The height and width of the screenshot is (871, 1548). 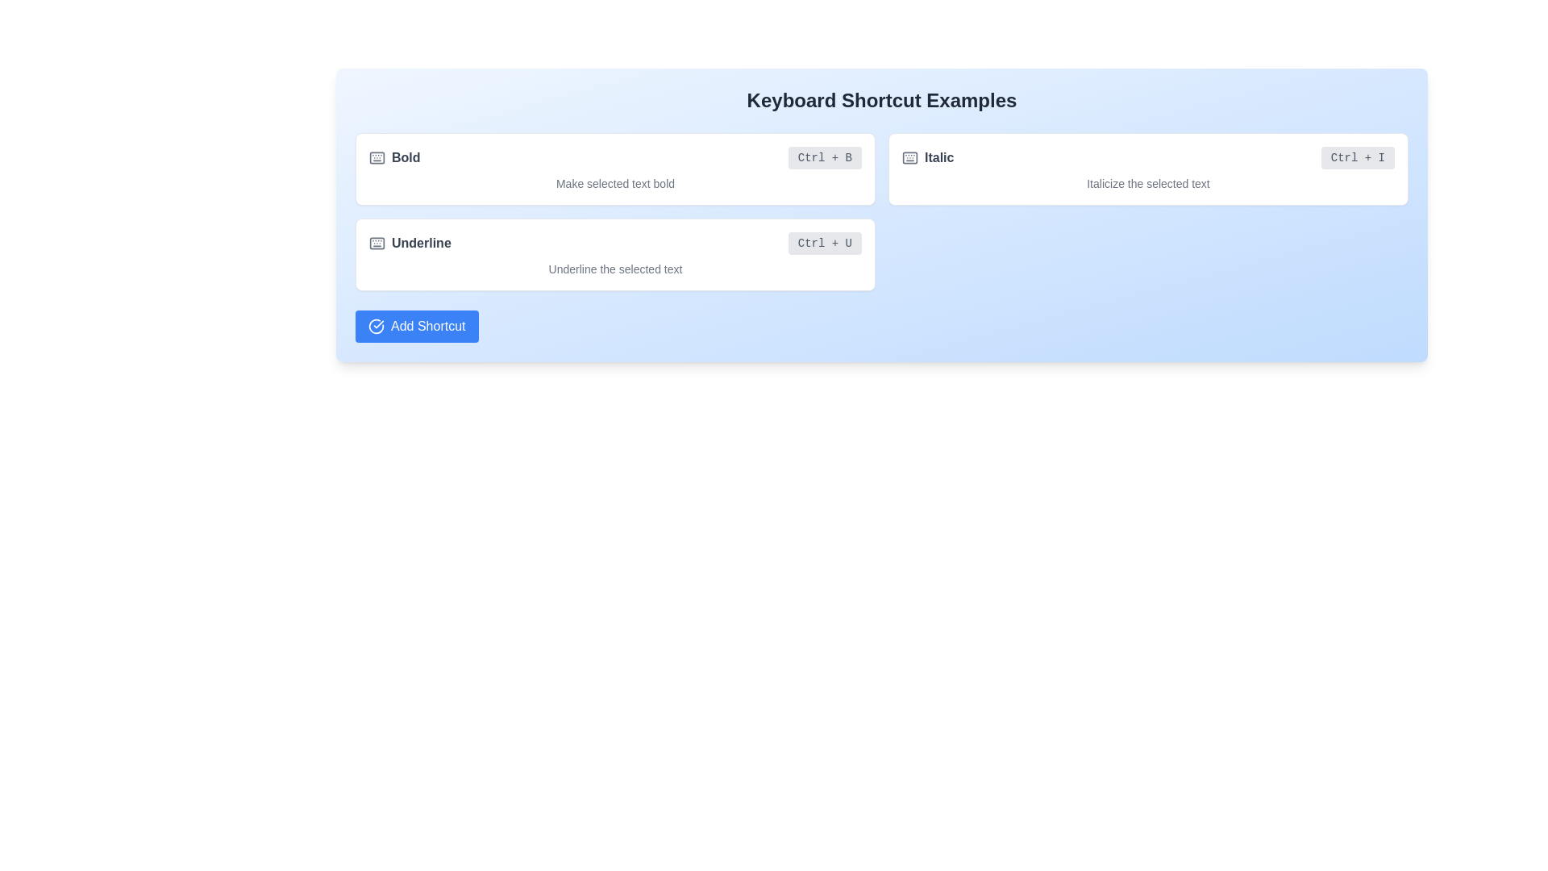 What do you see at coordinates (417, 327) in the screenshot?
I see `the blue rectangular button labeled 'Add Shortcut' to change its background color` at bounding box center [417, 327].